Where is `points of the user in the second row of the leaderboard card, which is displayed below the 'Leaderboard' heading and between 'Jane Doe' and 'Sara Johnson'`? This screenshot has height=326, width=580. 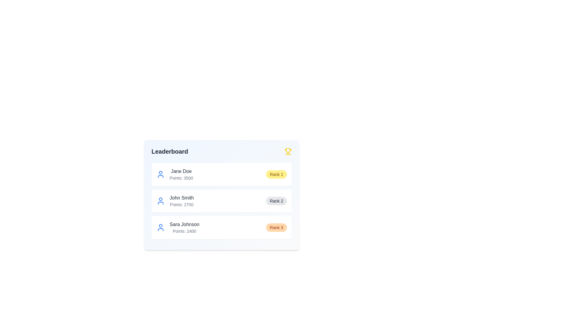
points of the user in the second row of the leaderboard card, which is displayed below the 'Leaderboard' heading and between 'Jane Doe' and 'Sara Johnson' is located at coordinates (221, 200).